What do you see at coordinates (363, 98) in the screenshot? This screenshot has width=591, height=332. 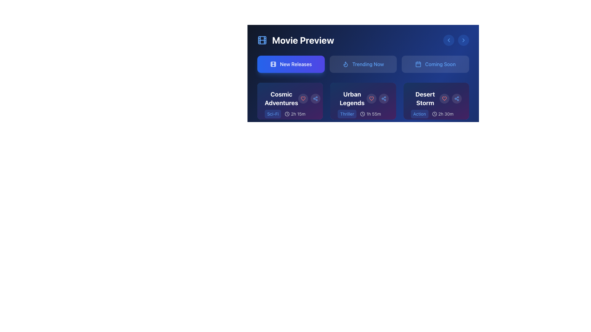 I see `the text label displaying the title 'Urban Legends' in bold white typography located in the top-right quadrant of the movie details section` at bounding box center [363, 98].